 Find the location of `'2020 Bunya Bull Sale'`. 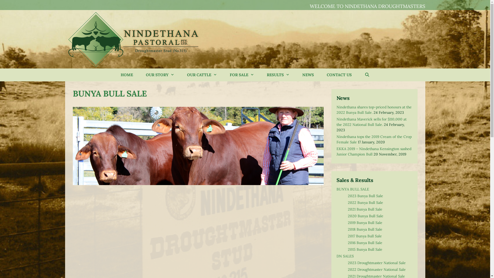

'2020 Bunya Bull Sale' is located at coordinates (348, 216).